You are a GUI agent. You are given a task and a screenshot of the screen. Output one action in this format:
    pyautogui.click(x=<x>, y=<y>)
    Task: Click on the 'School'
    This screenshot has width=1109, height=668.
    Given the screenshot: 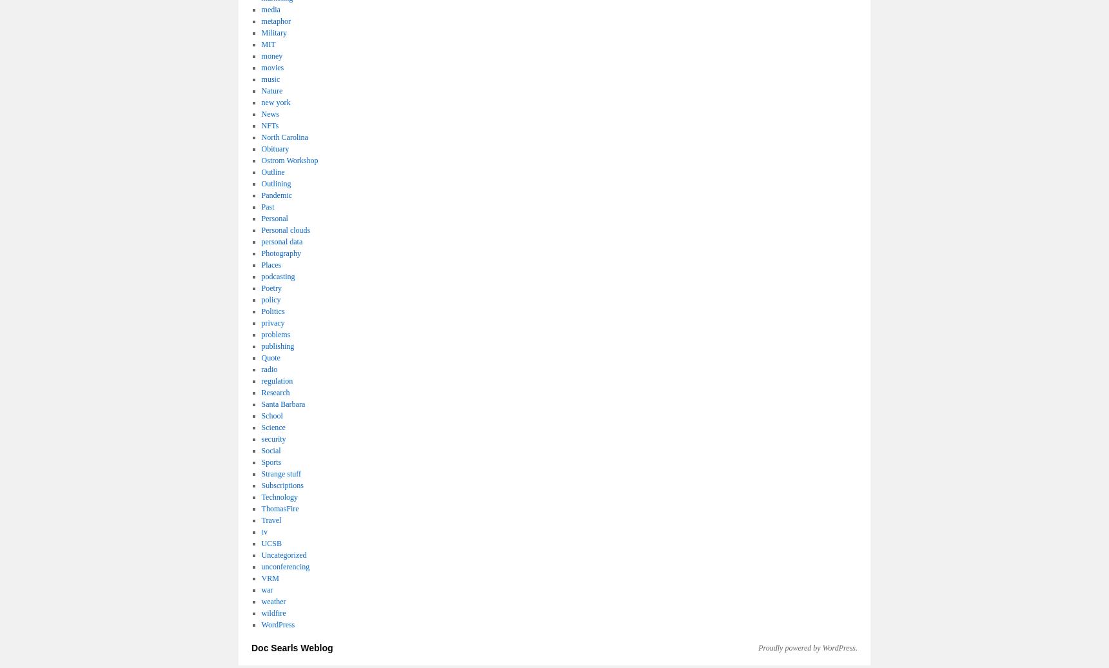 What is the action you would take?
    pyautogui.click(x=271, y=415)
    